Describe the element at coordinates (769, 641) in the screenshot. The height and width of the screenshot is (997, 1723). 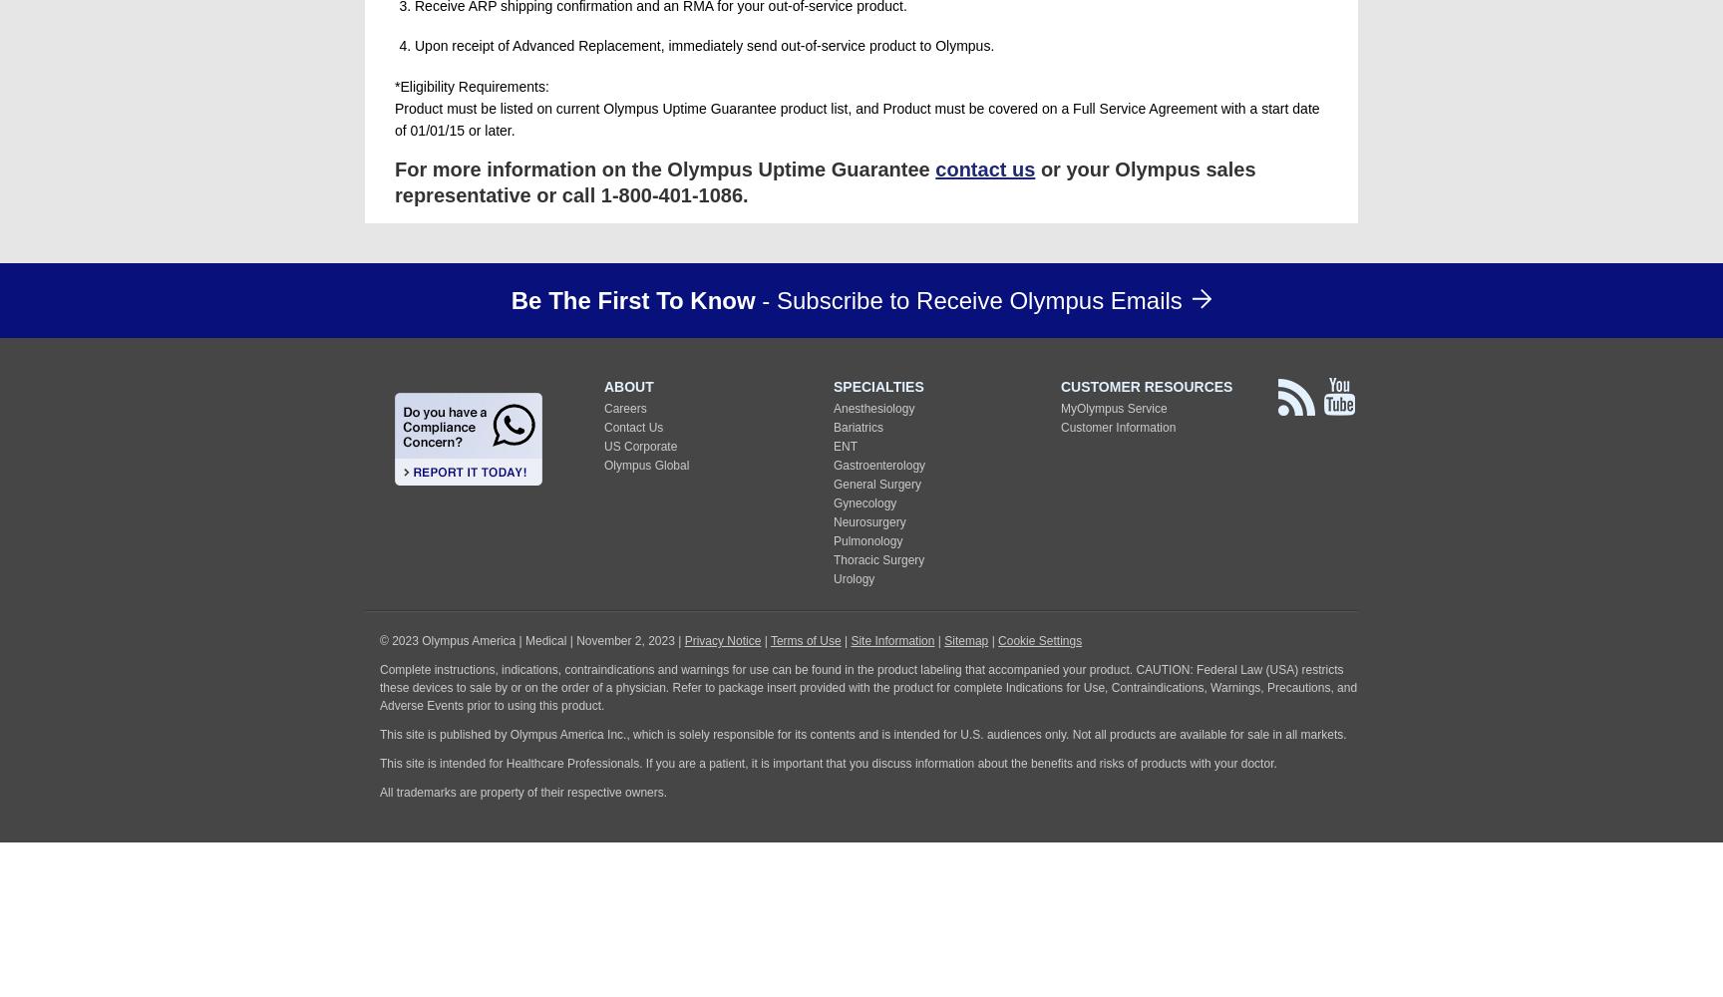
I see `'Terms of Use'` at that location.